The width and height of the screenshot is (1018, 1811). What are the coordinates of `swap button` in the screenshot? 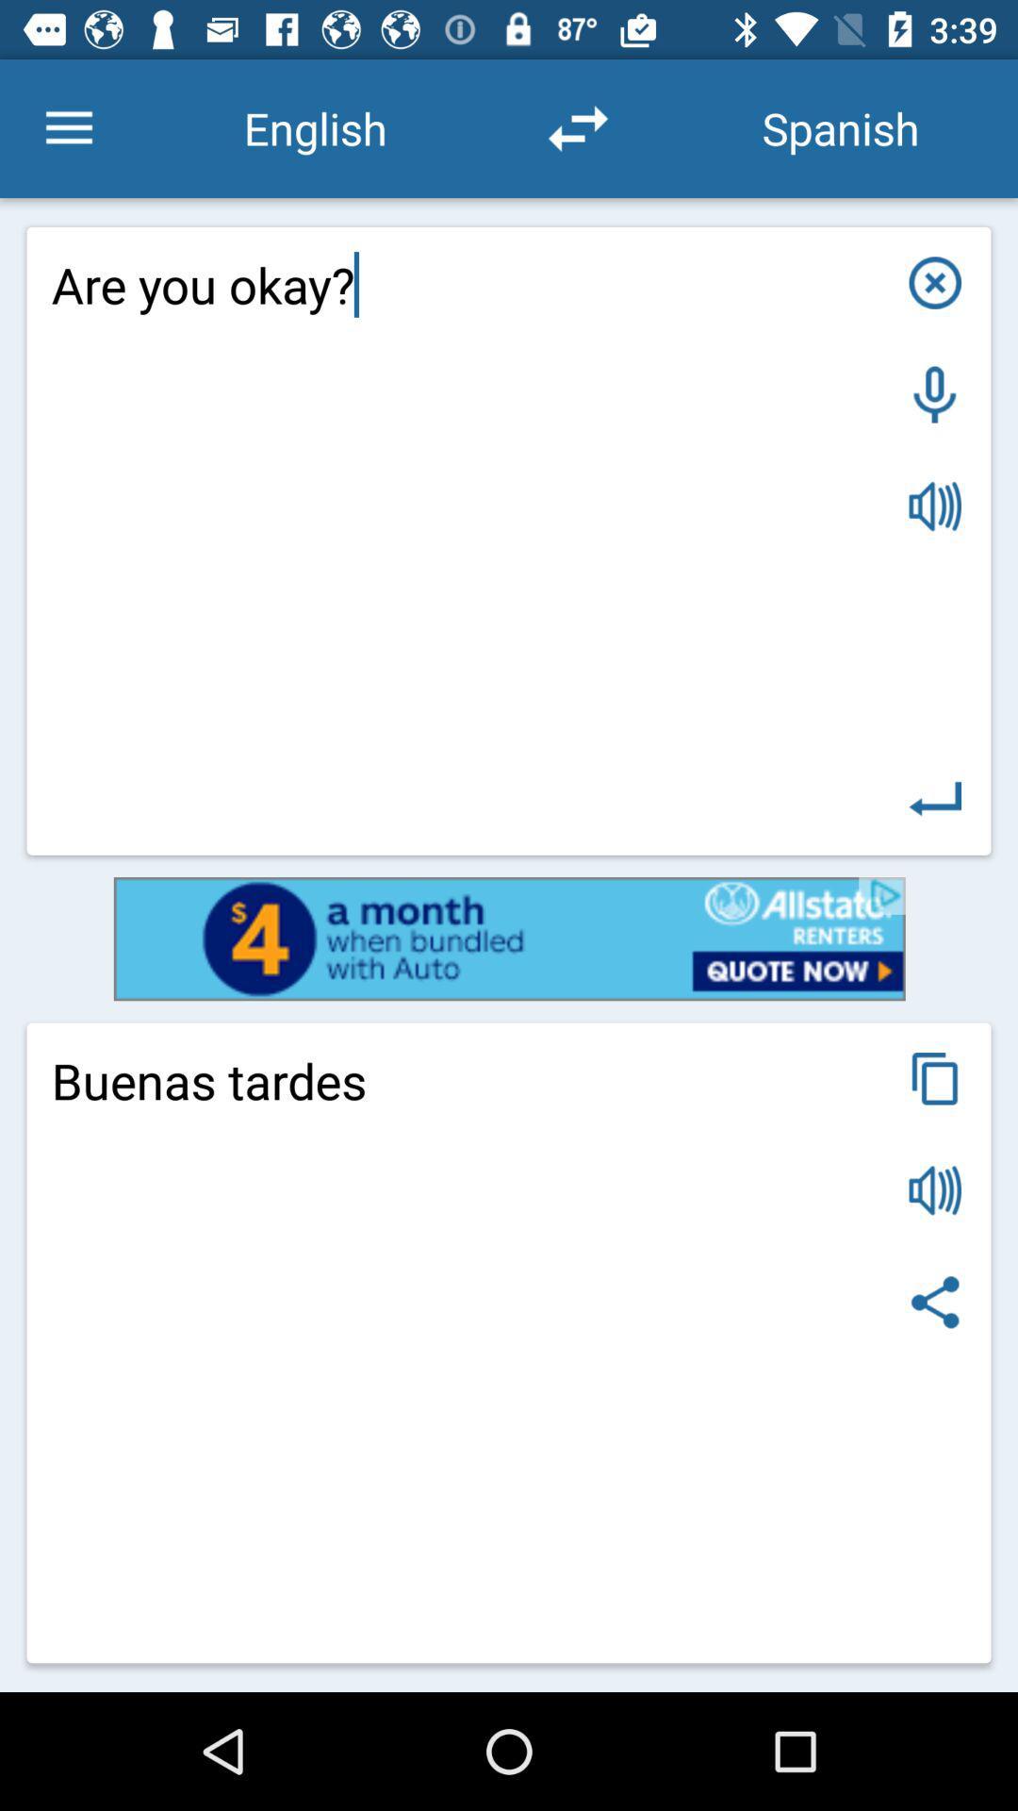 It's located at (577, 127).